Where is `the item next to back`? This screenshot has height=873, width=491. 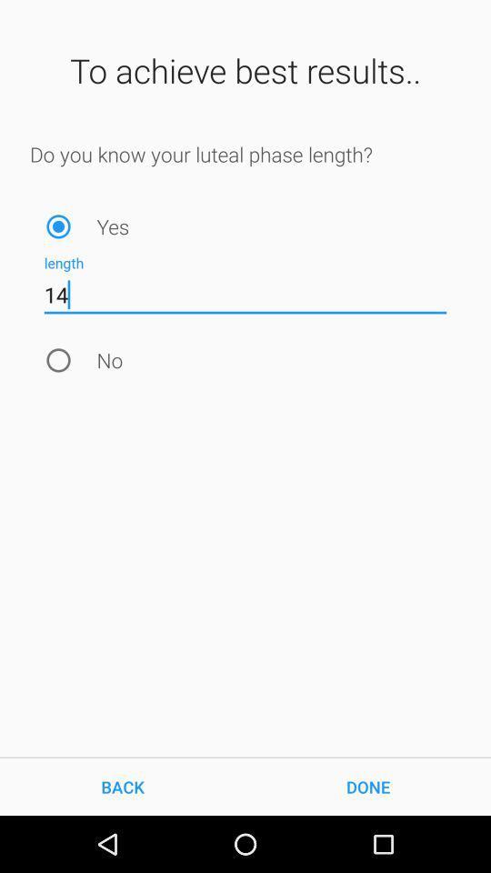 the item next to back is located at coordinates (368, 786).